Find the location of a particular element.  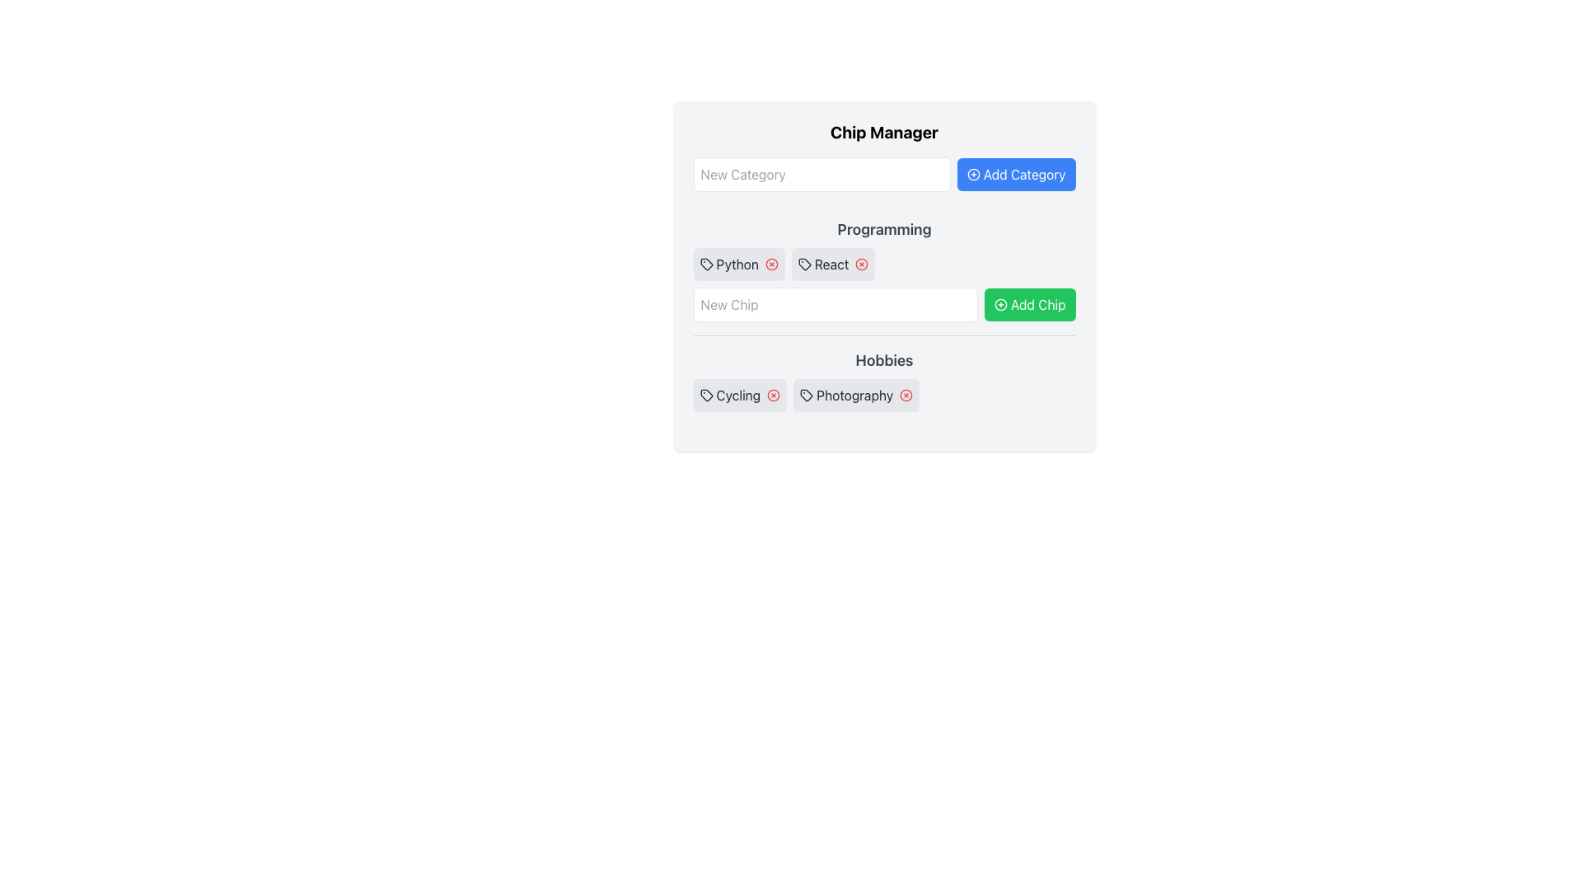

label 'Chip Manager' displayed in bold, large font at the top of the card-like section is located at coordinates (883, 132).